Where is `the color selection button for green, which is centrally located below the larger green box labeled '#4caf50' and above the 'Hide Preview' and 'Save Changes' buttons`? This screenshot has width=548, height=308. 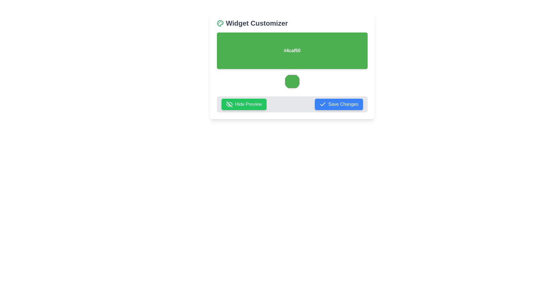 the color selection button for green, which is centrally located below the larger green box labeled '#4caf50' and above the 'Hide Preview' and 'Save Changes' buttons is located at coordinates (292, 81).